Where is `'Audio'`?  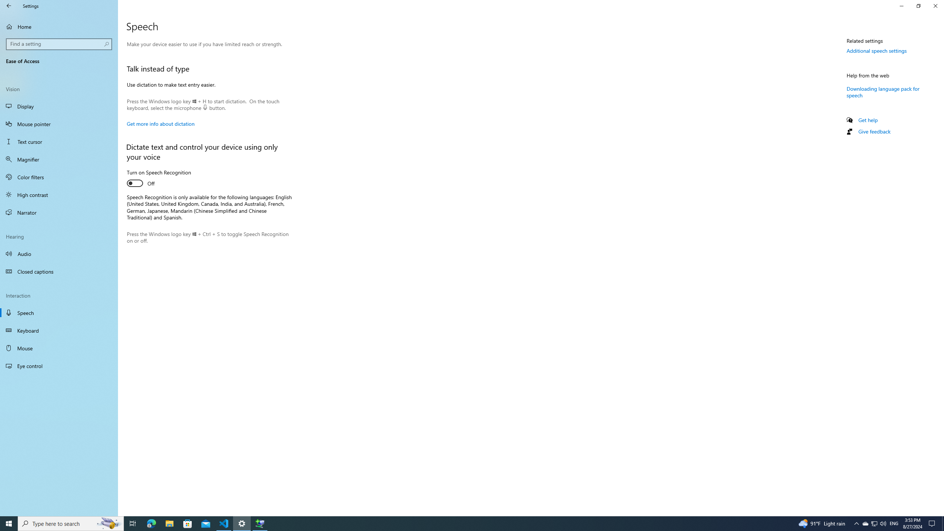
'Audio' is located at coordinates (59, 253).